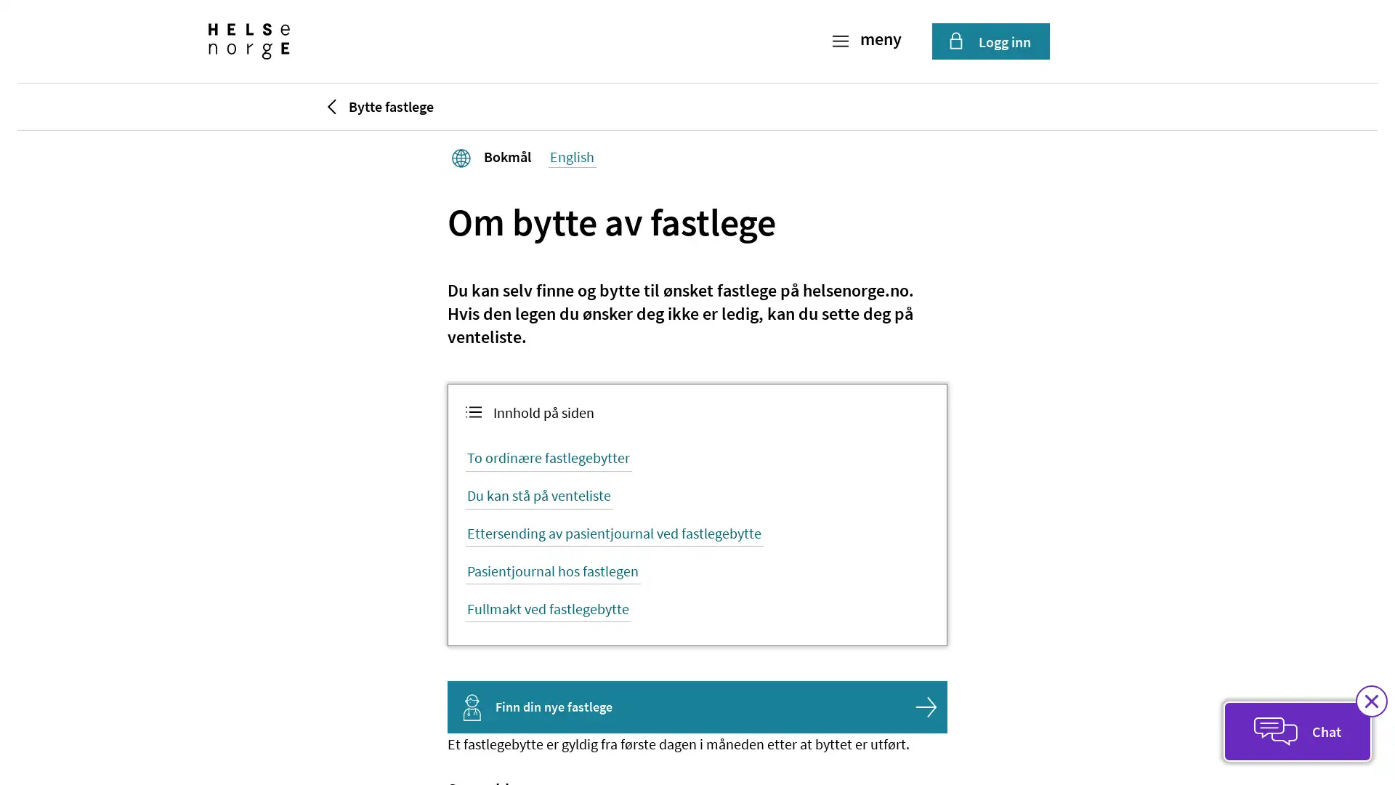 The height and width of the screenshot is (785, 1395). What do you see at coordinates (1370, 700) in the screenshot?
I see `Fjern chat` at bounding box center [1370, 700].